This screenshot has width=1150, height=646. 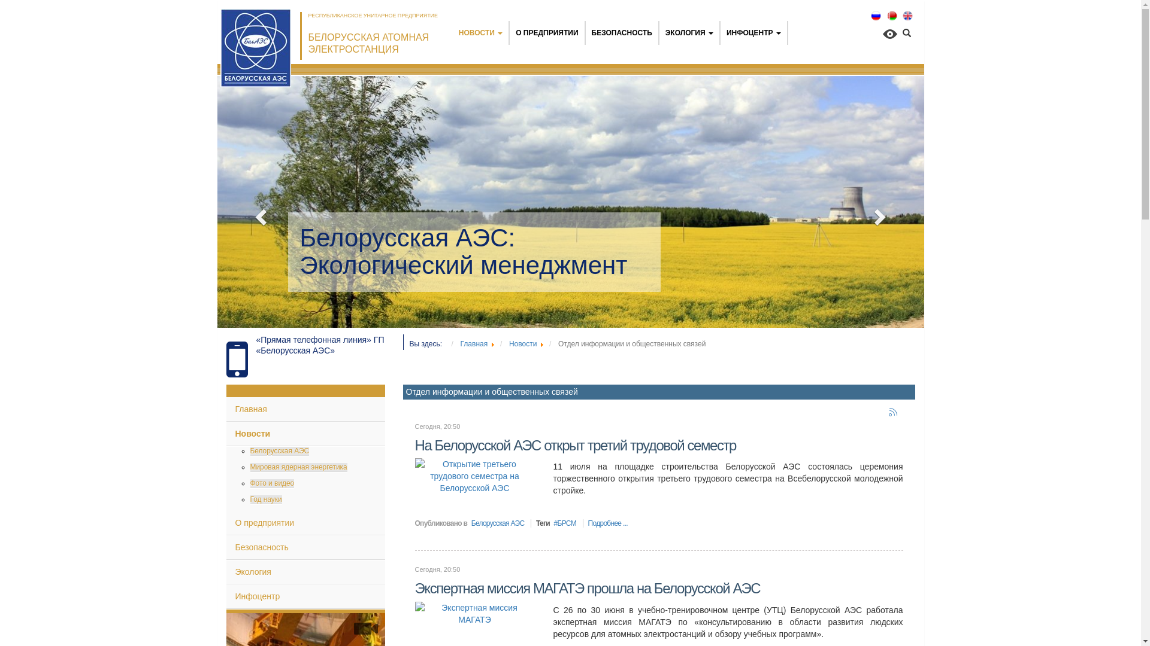 What do you see at coordinates (907, 16) in the screenshot?
I see `'English (UK)'` at bounding box center [907, 16].